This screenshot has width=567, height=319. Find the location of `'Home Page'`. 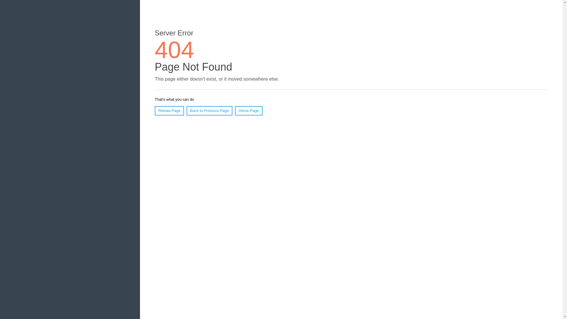

'Home Page' is located at coordinates (235, 110).